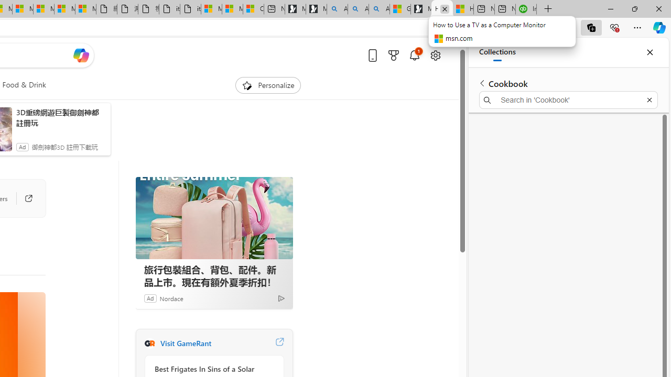 Image resolution: width=671 pixels, height=377 pixels. I want to click on 'Consumer Health Data Privacy Policy', so click(253, 9).